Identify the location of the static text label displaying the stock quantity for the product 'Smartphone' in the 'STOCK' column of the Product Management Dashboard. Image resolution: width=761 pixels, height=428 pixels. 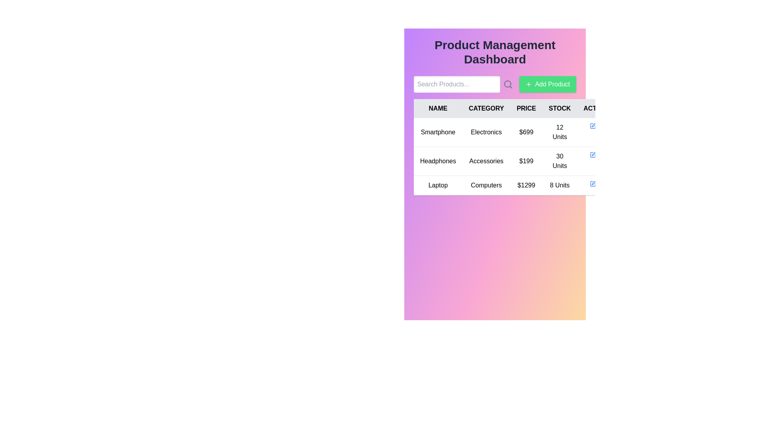
(559, 132).